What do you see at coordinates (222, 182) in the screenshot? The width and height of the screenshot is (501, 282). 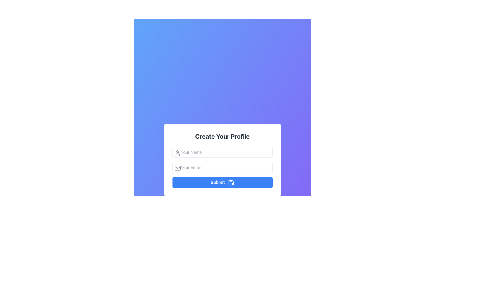 I see `the blue rectangular 'Submit' button with rounded corners to change its styling` at bounding box center [222, 182].